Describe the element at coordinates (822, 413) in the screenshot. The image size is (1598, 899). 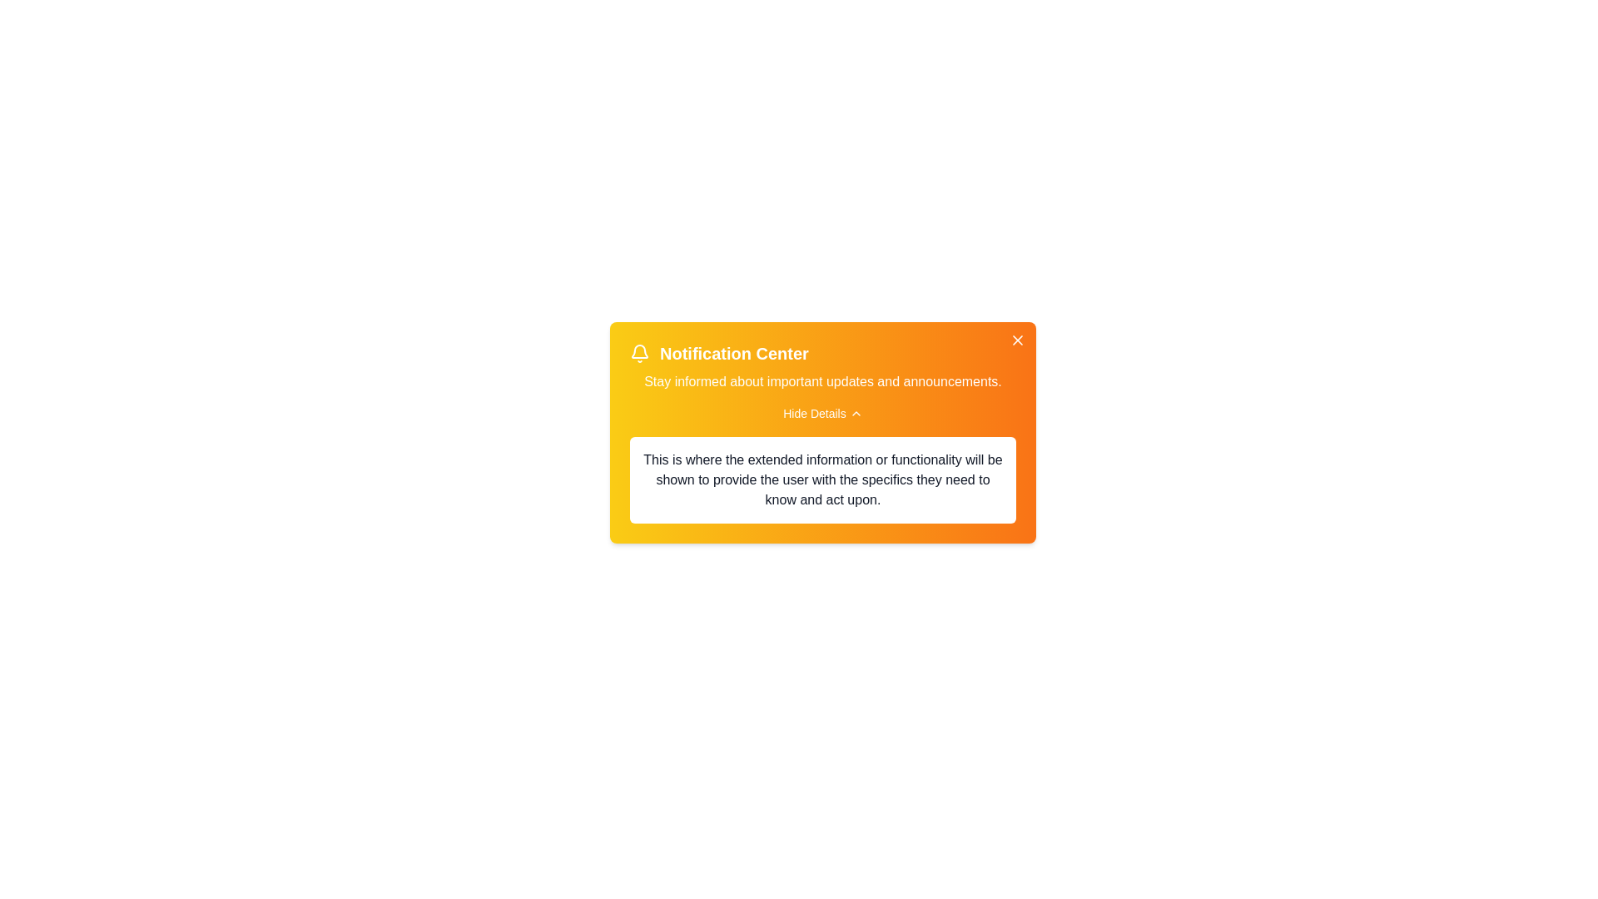
I see `the 'Hide Details' button to toggle the visibility of the detailed information` at that location.